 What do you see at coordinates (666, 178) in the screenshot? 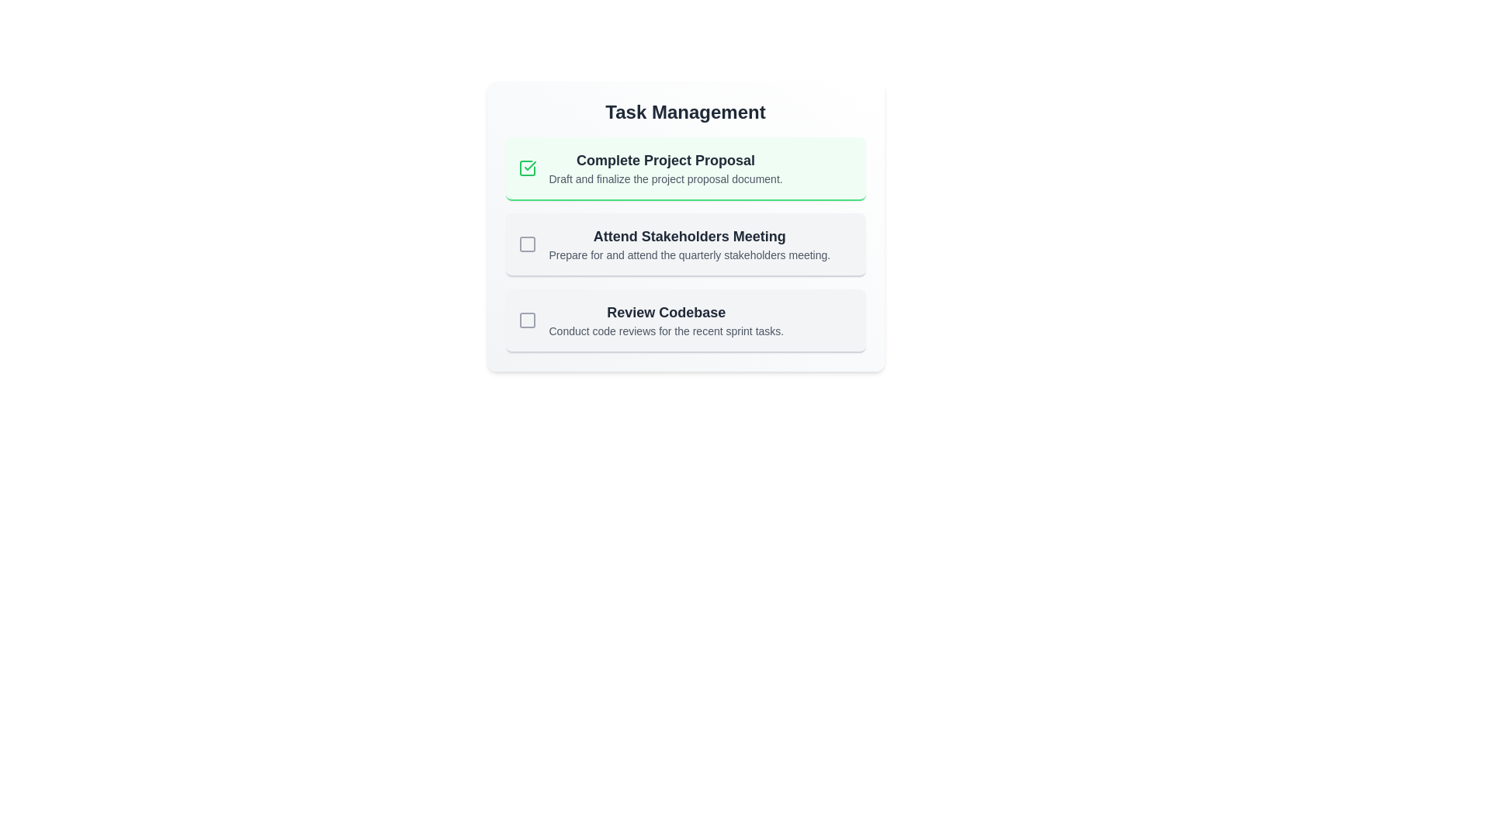
I see `the text label reading 'Draft and finalize the project proposal document.', which is styled in gray and located below the title 'Complete Project Proposal' in the task card layout` at bounding box center [666, 178].